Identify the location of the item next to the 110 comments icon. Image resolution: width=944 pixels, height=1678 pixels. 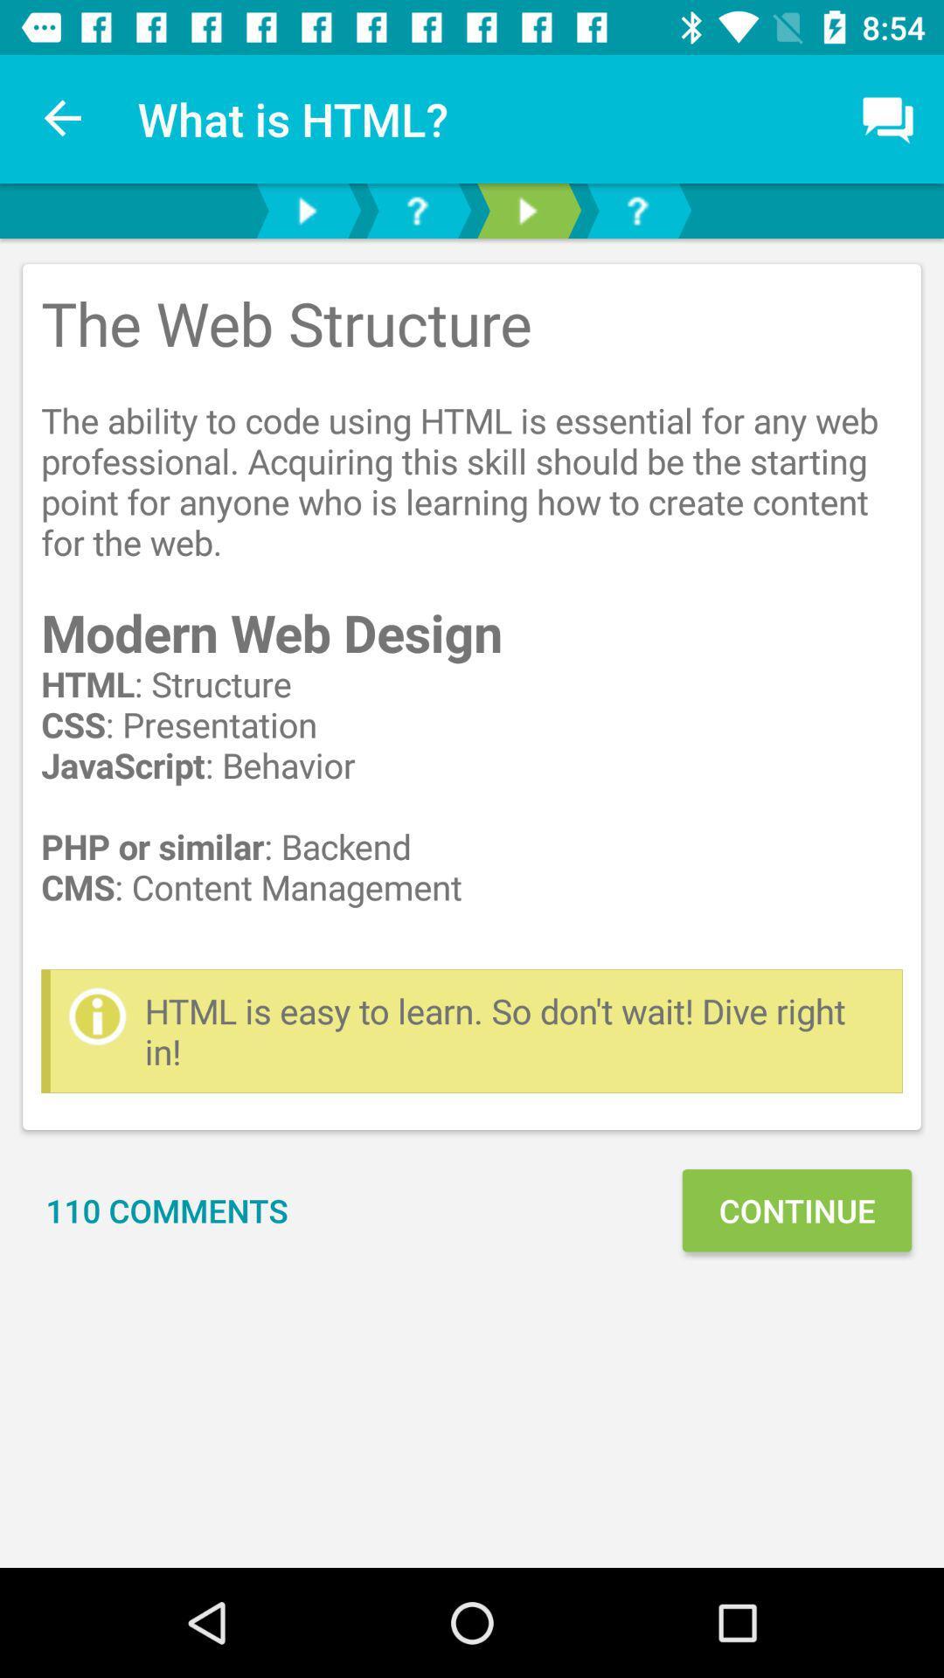
(796, 1210).